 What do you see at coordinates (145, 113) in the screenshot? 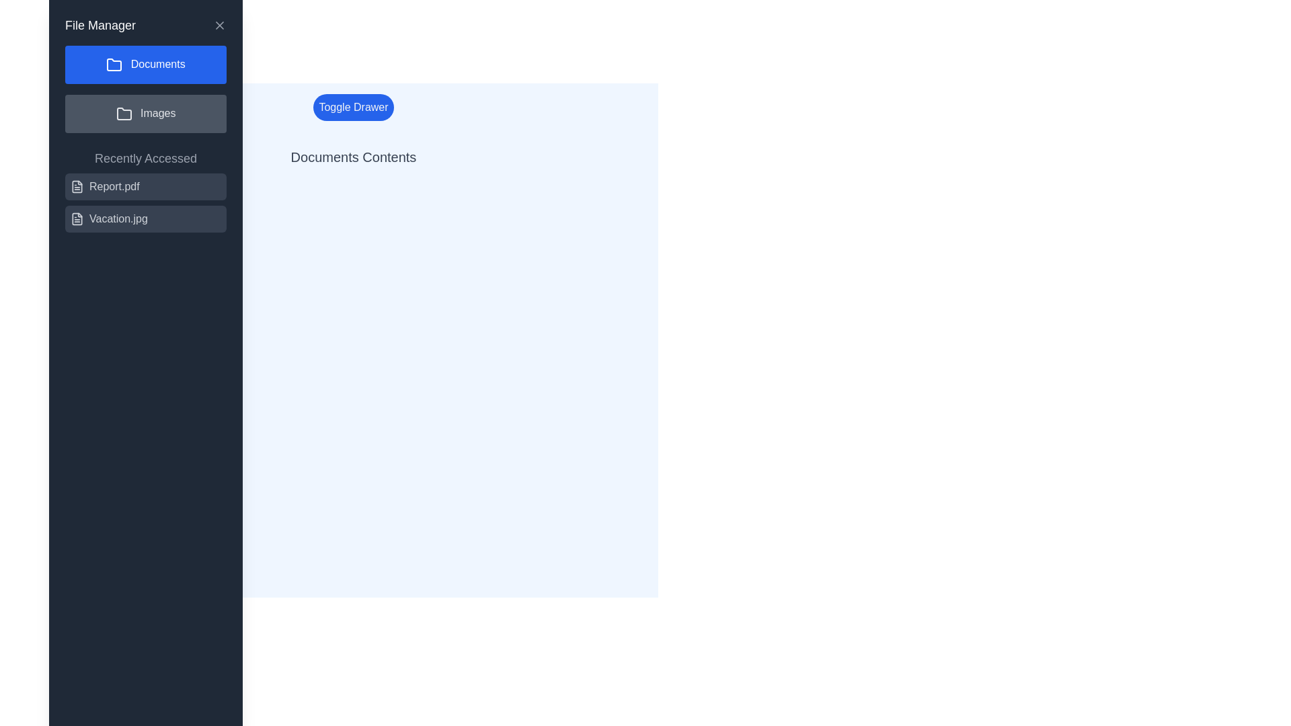
I see `the 'Images' button located in the left vertical menu with a dark gray background and light gray text` at bounding box center [145, 113].